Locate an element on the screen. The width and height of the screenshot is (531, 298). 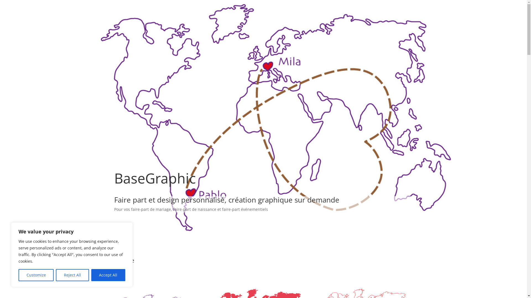
'Accept All' is located at coordinates (108, 275).